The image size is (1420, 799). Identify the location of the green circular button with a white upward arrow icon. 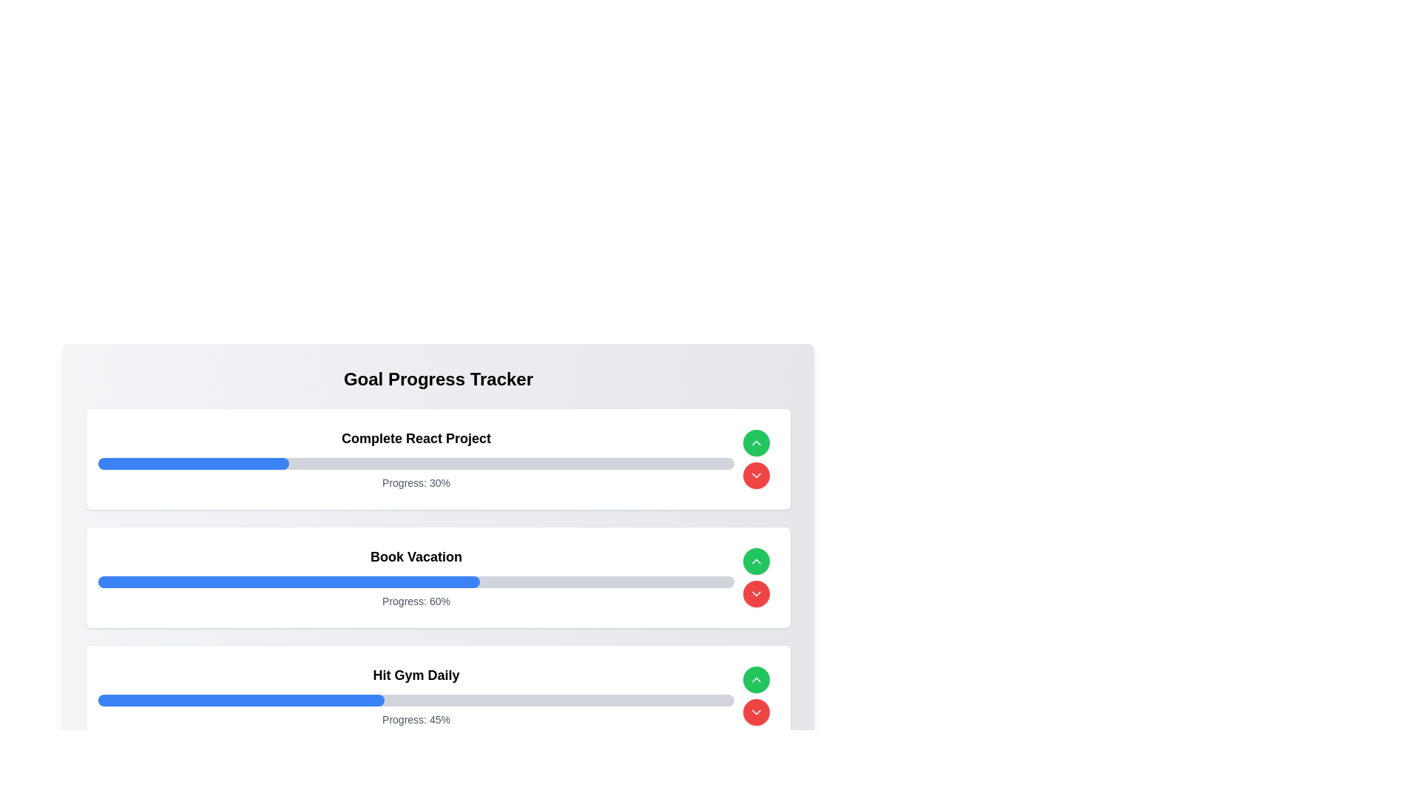
(756, 679).